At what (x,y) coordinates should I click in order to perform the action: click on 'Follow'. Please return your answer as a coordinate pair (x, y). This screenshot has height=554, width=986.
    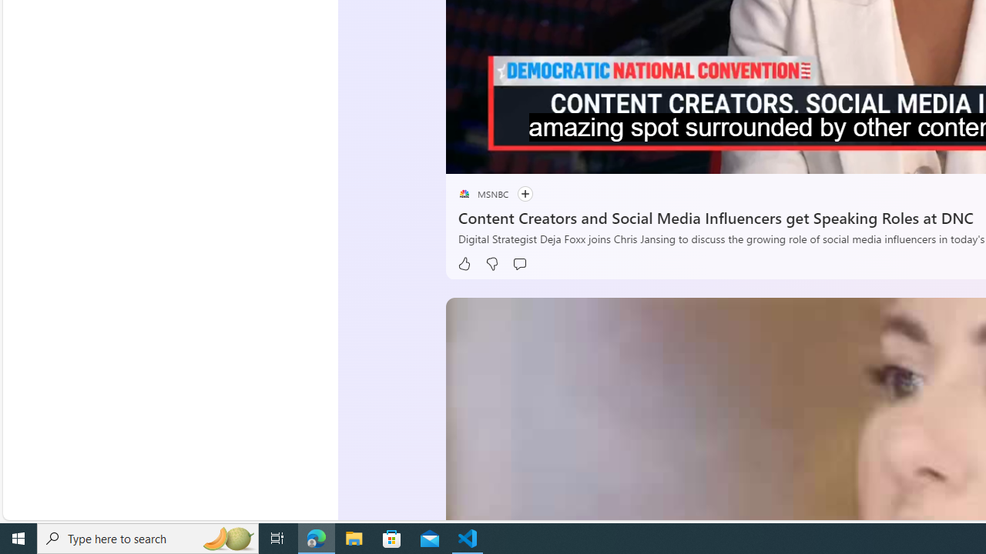
    Looking at the image, I should click on (517, 193).